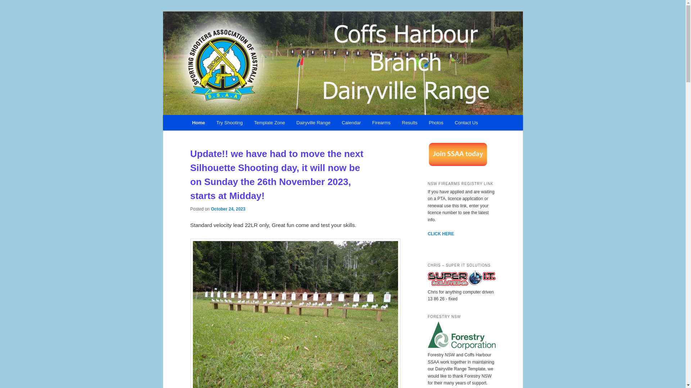 The width and height of the screenshot is (691, 388). Describe the element at coordinates (313, 122) in the screenshot. I see `'Dairyville Range'` at that location.